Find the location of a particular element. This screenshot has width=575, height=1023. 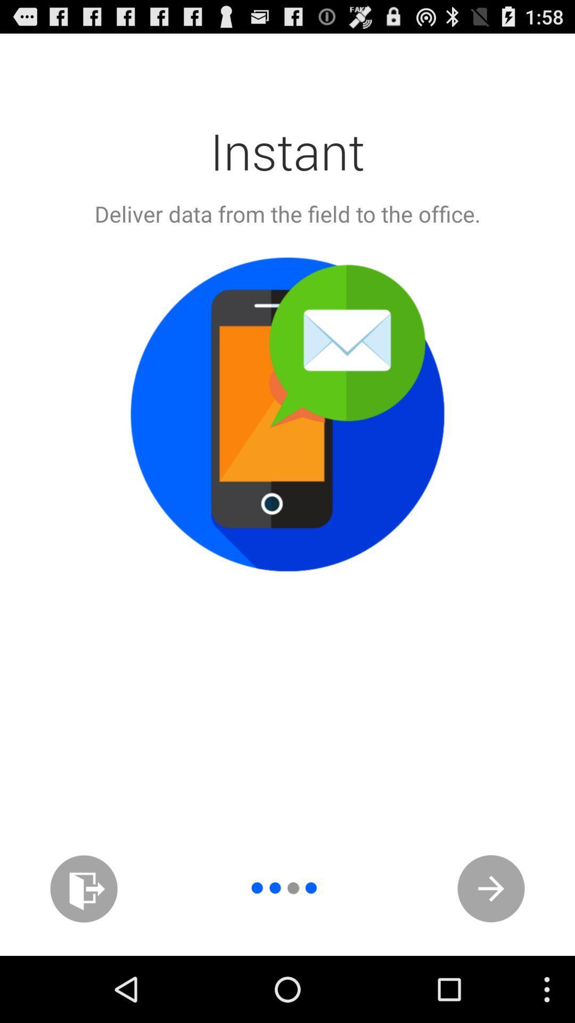

the add icon is located at coordinates (83, 951).